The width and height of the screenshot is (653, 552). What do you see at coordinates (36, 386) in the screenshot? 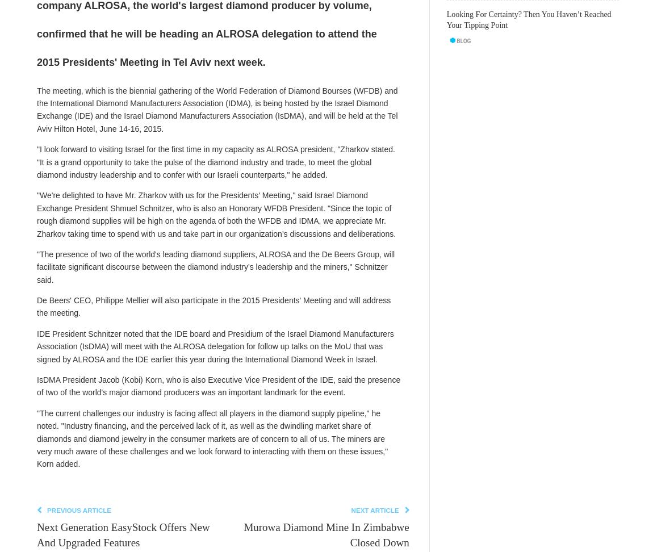
I see `'IsDMA President Jacob (Kobi) Korn, who is also Executive Vice President of the IDE, said the presence of two of the world's major diamond producers was an important landmark for the event.'` at bounding box center [36, 386].